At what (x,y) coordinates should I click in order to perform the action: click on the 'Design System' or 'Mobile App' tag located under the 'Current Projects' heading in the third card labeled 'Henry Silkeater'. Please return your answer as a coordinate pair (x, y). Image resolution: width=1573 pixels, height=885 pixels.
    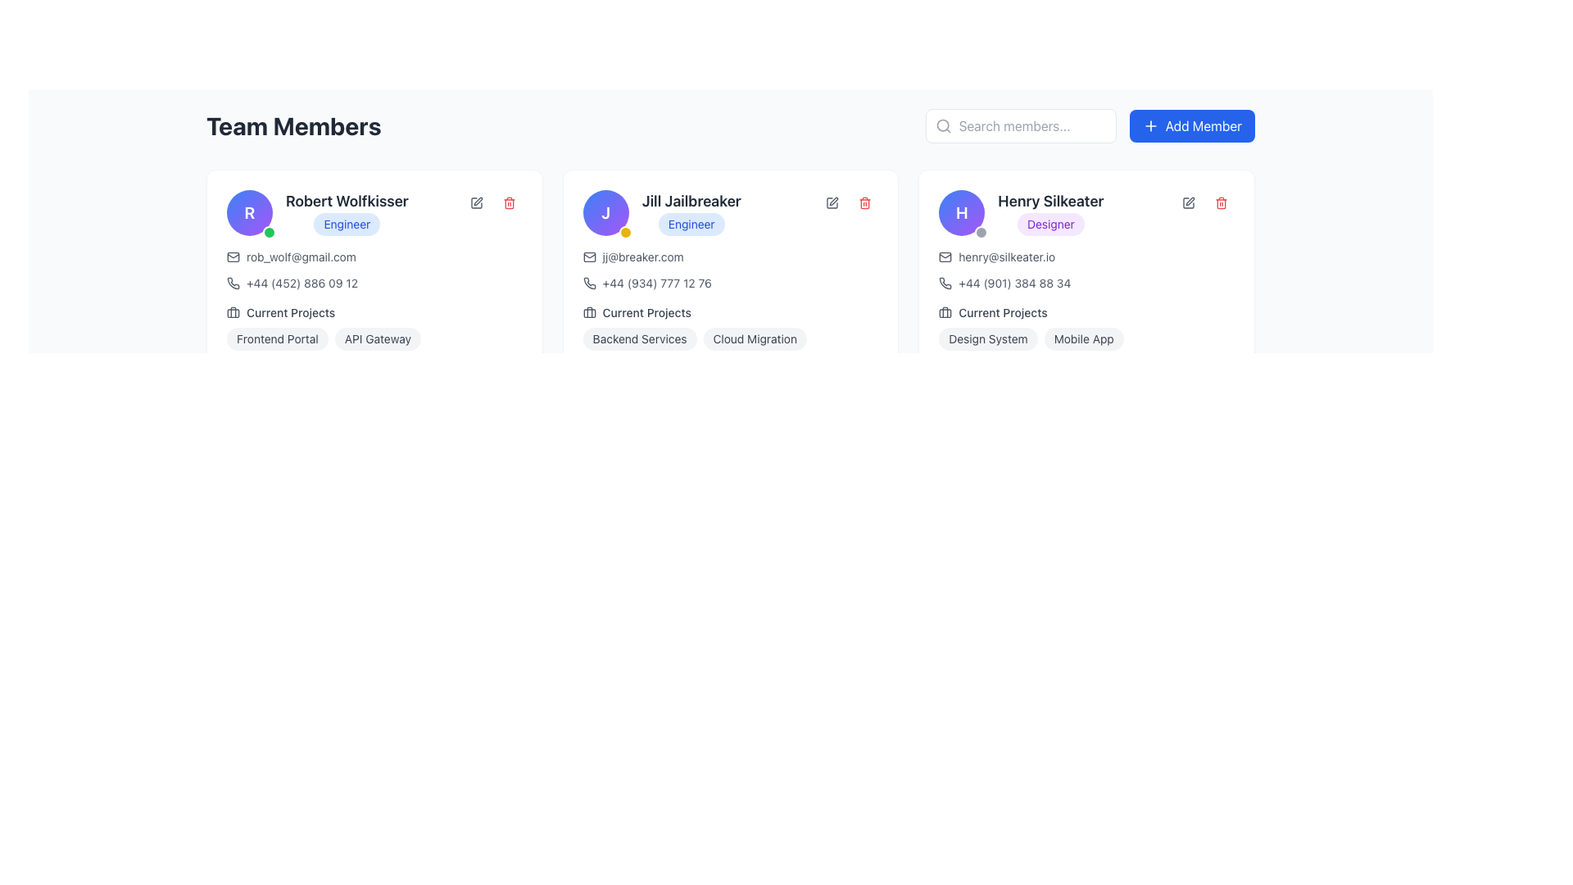
    Looking at the image, I should click on (1086, 328).